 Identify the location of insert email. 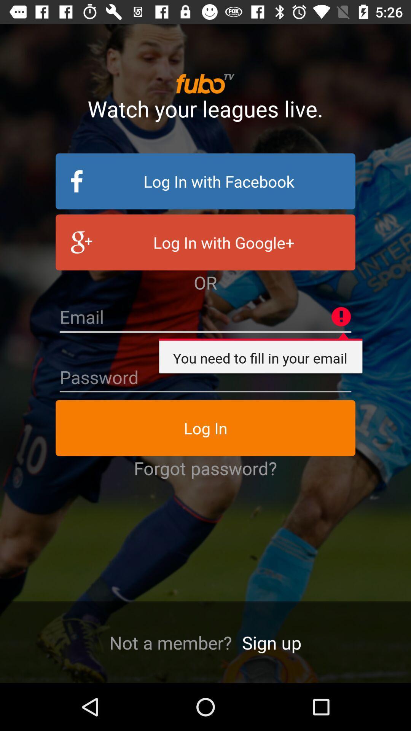
(205, 317).